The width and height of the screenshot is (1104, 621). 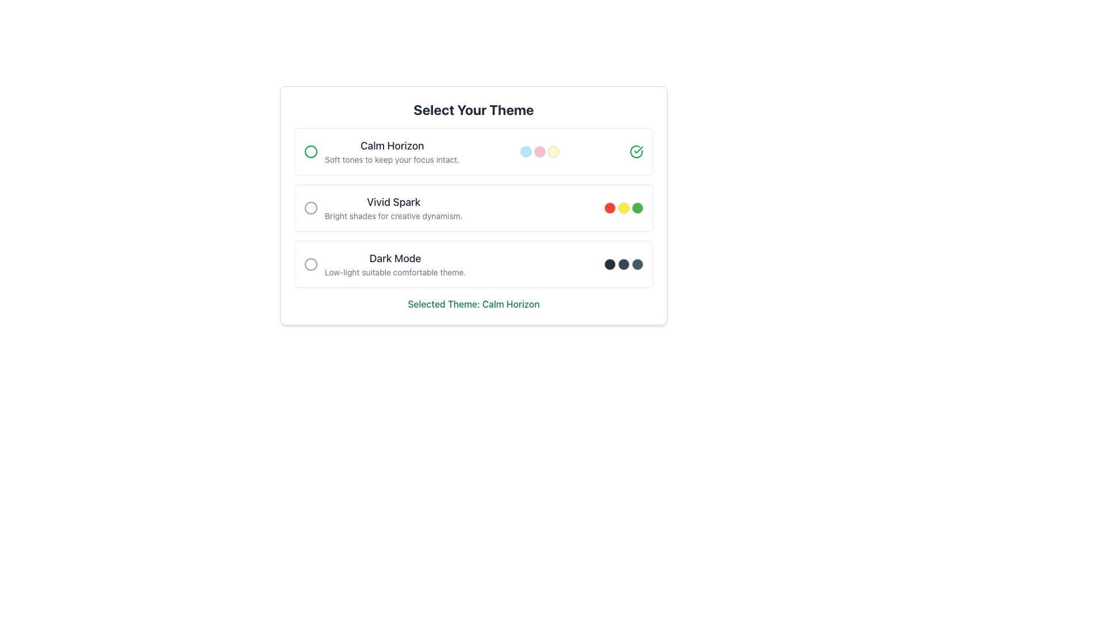 What do you see at coordinates (623, 264) in the screenshot?
I see `the middle visual indicator circle that represents the 'Dark Mode' theme in the theme selection interface` at bounding box center [623, 264].